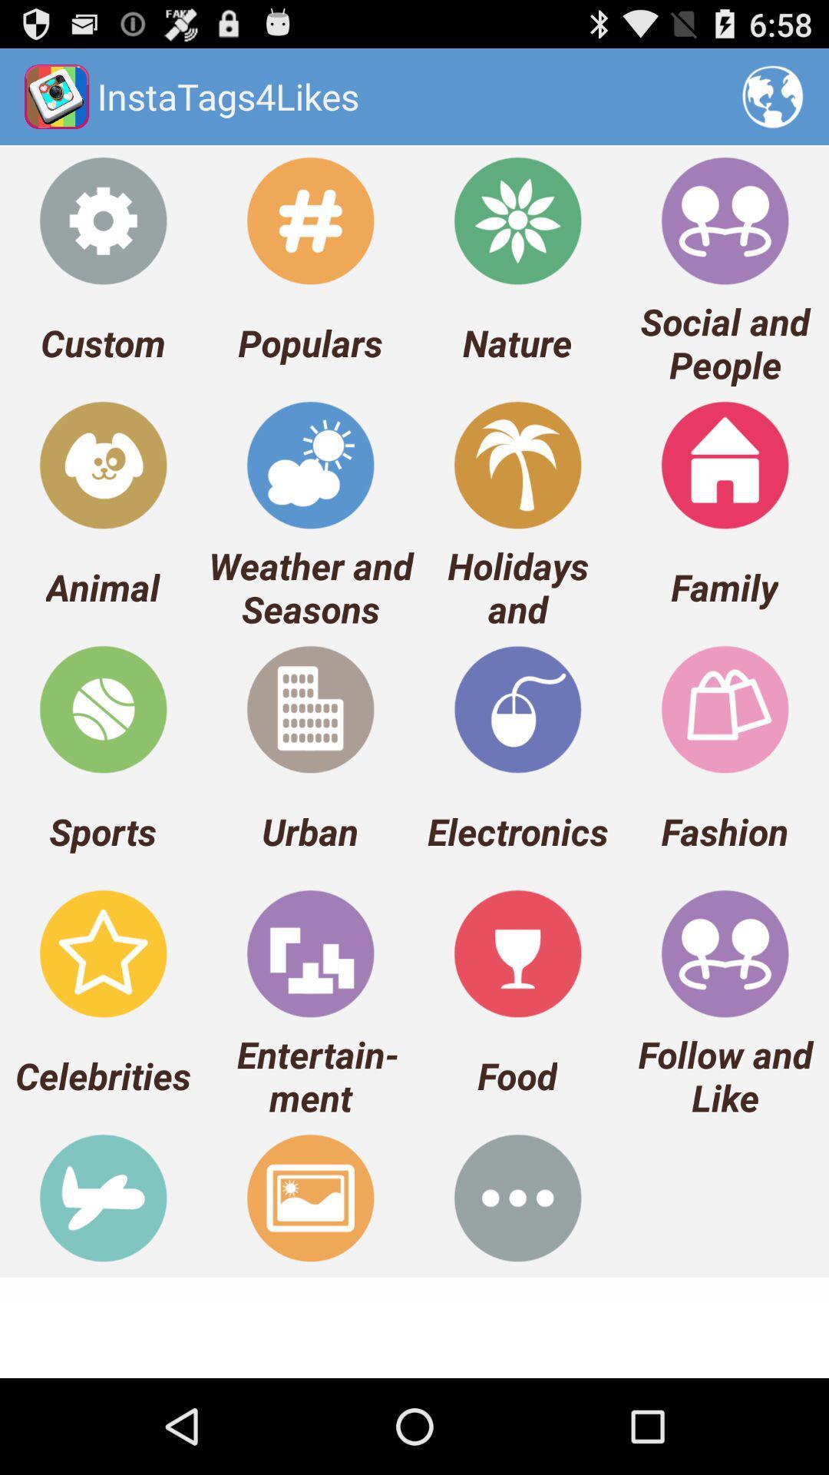  What do you see at coordinates (517, 464) in the screenshot?
I see `the holidays and icon` at bounding box center [517, 464].